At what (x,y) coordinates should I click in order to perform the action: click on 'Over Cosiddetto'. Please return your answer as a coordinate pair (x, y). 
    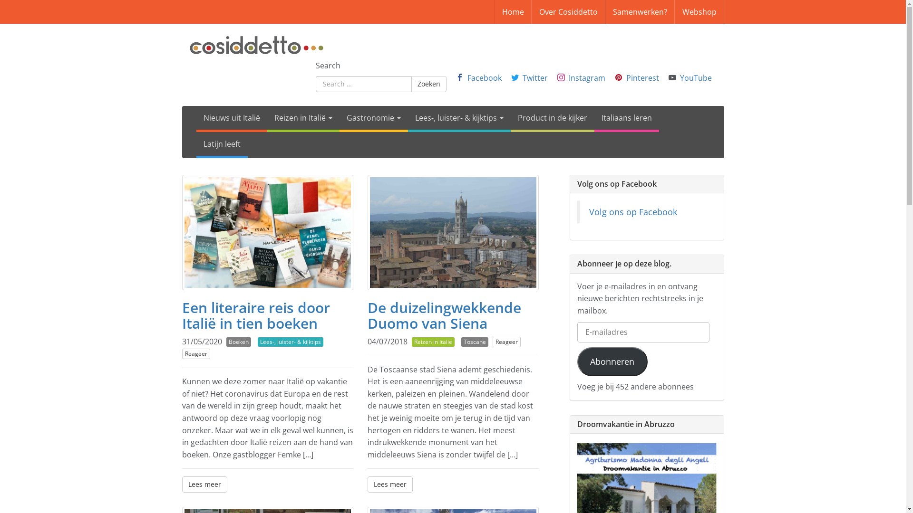
    Looking at the image, I should click on (568, 11).